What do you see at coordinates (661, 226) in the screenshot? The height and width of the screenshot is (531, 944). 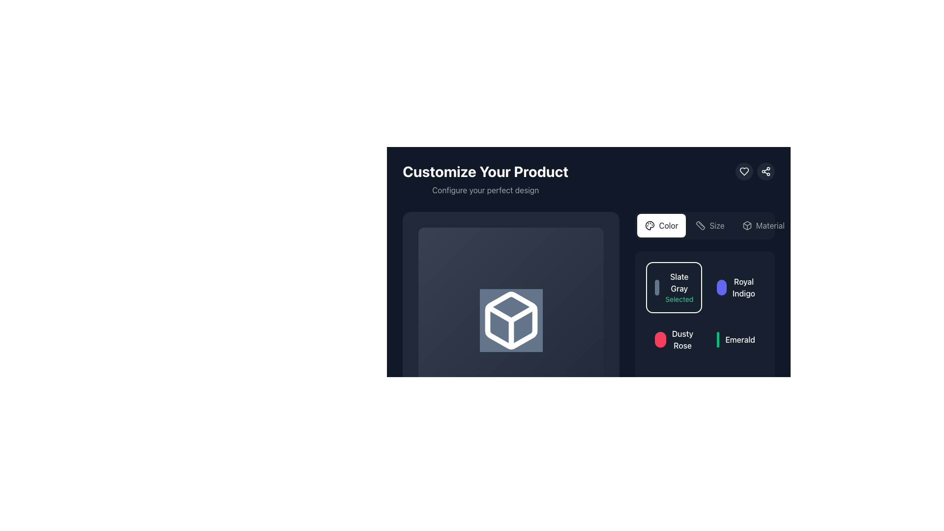 I see `the 'Color' button located in the top-right section of the interface within the horizontal navigation bar` at bounding box center [661, 226].